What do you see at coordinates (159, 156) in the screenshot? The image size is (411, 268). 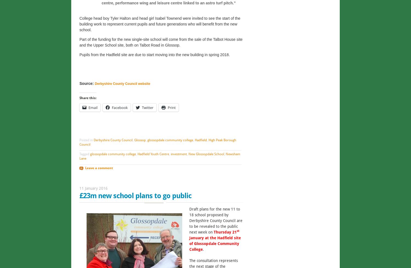 I see `'Newsham Lane'` at bounding box center [159, 156].